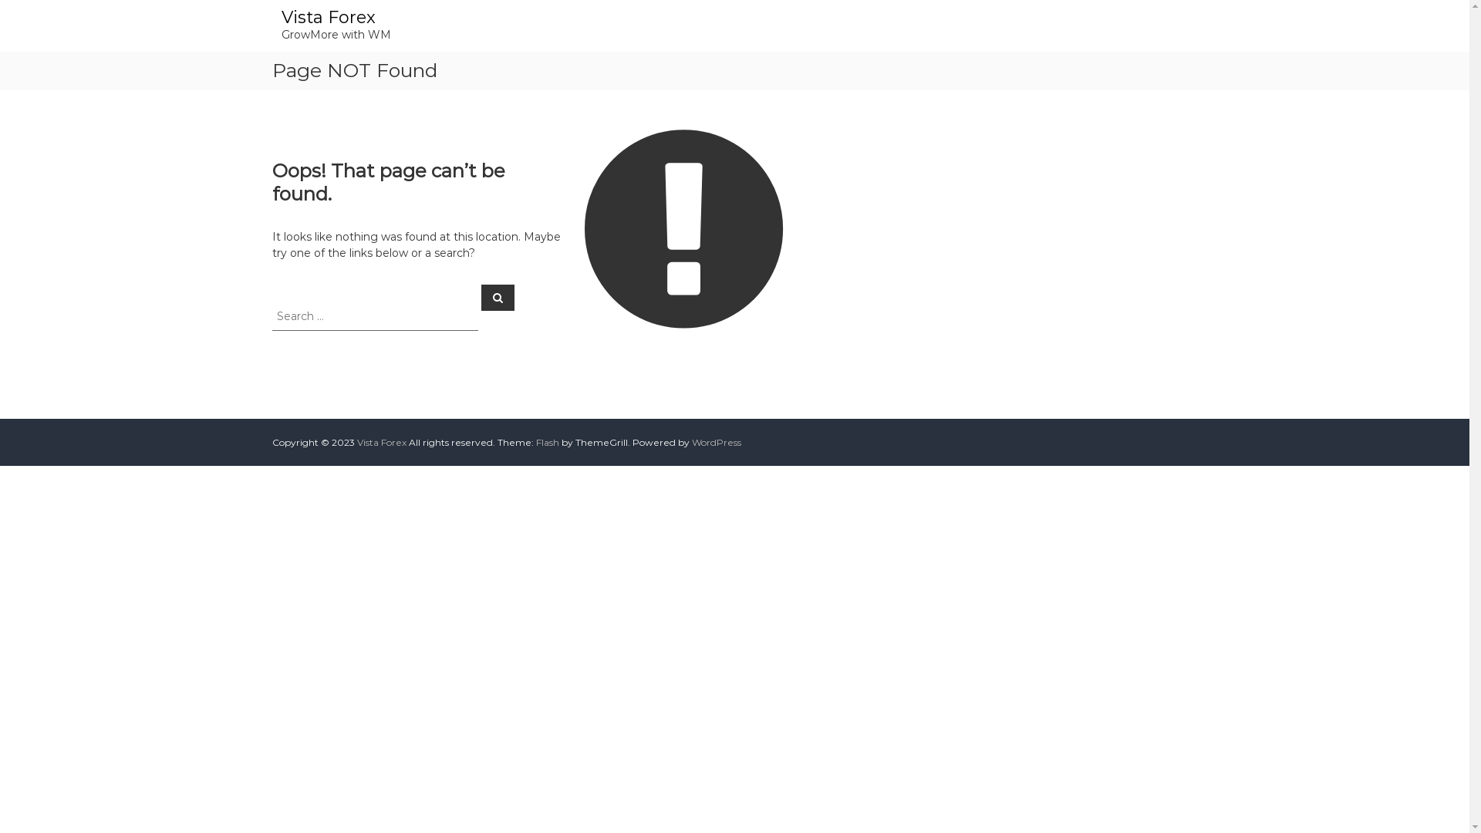 The width and height of the screenshot is (1481, 833). What do you see at coordinates (327, 17) in the screenshot?
I see `'Vista Forex'` at bounding box center [327, 17].